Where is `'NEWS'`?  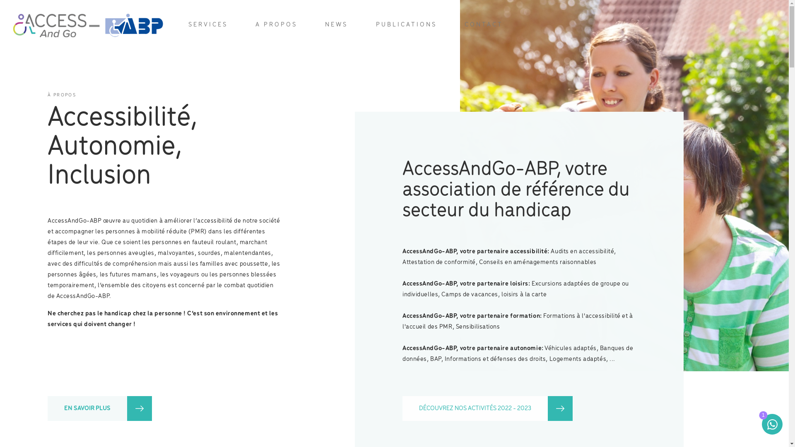 'NEWS' is located at coordinates (336, 24).